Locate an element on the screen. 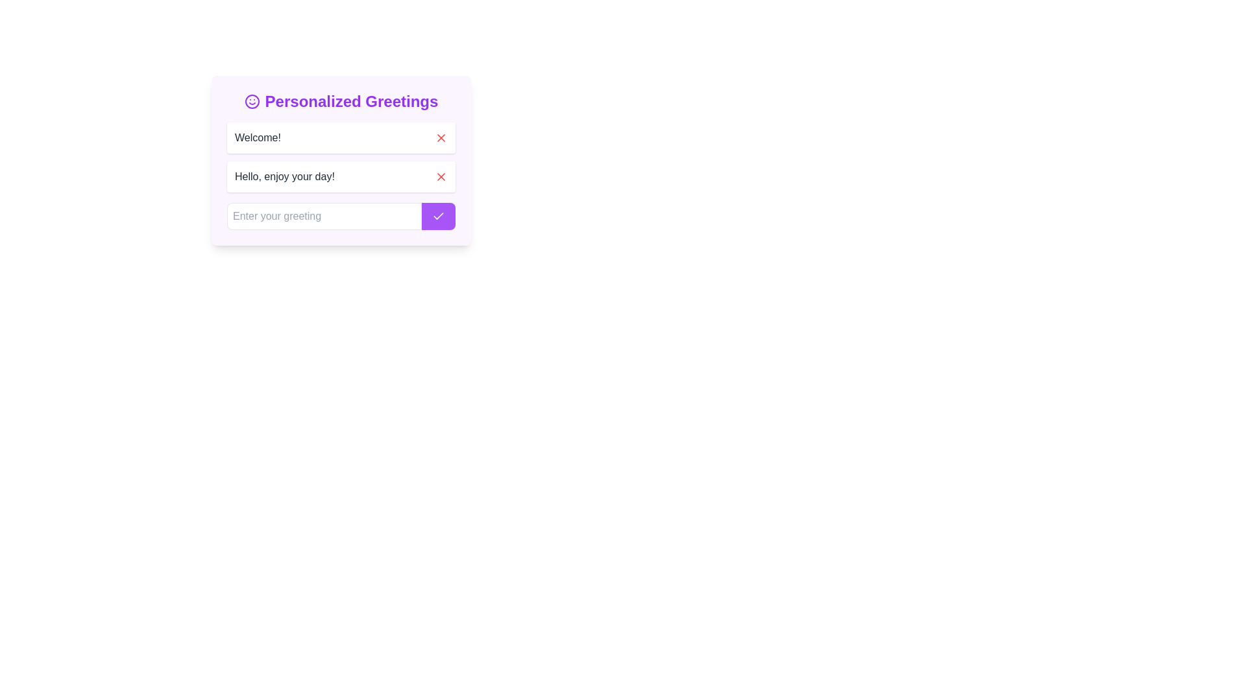  the checkmark icon located in the bottom-right corner of the purple button on the 'Personalized Greetings' card interface to confirm or submit user input is located at coordinates (439, 215).